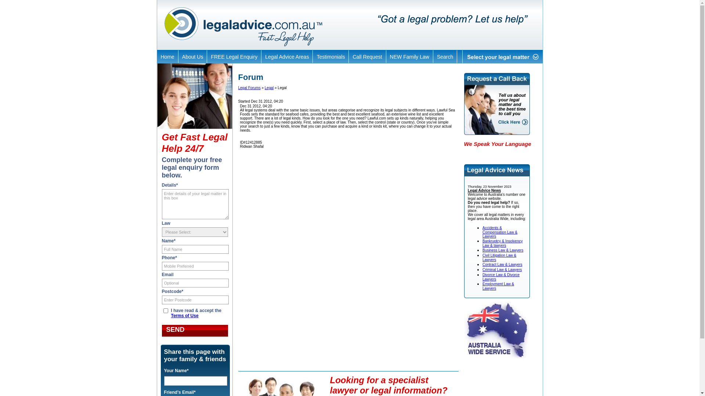 The image size is (705, 396). Describe the element at coordinates (249, 87) in the screenshot. I see `'Legal Forums'` at that location.